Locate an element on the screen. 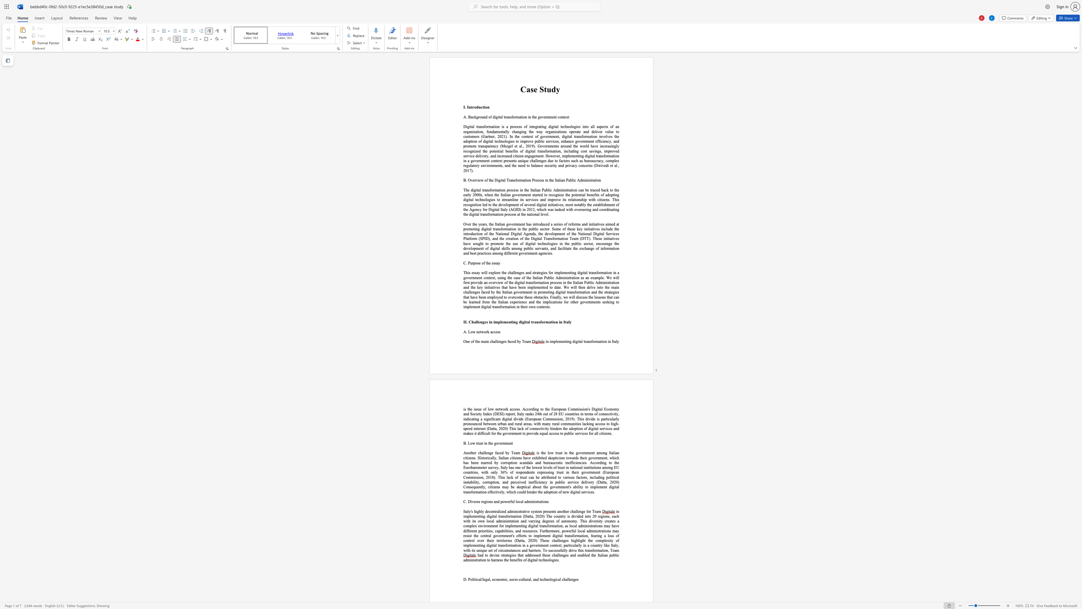 Image resolution: width=1082 pixels, height=609 pixels. the 2th character "t" in the text is located at coordinates (569, 248).